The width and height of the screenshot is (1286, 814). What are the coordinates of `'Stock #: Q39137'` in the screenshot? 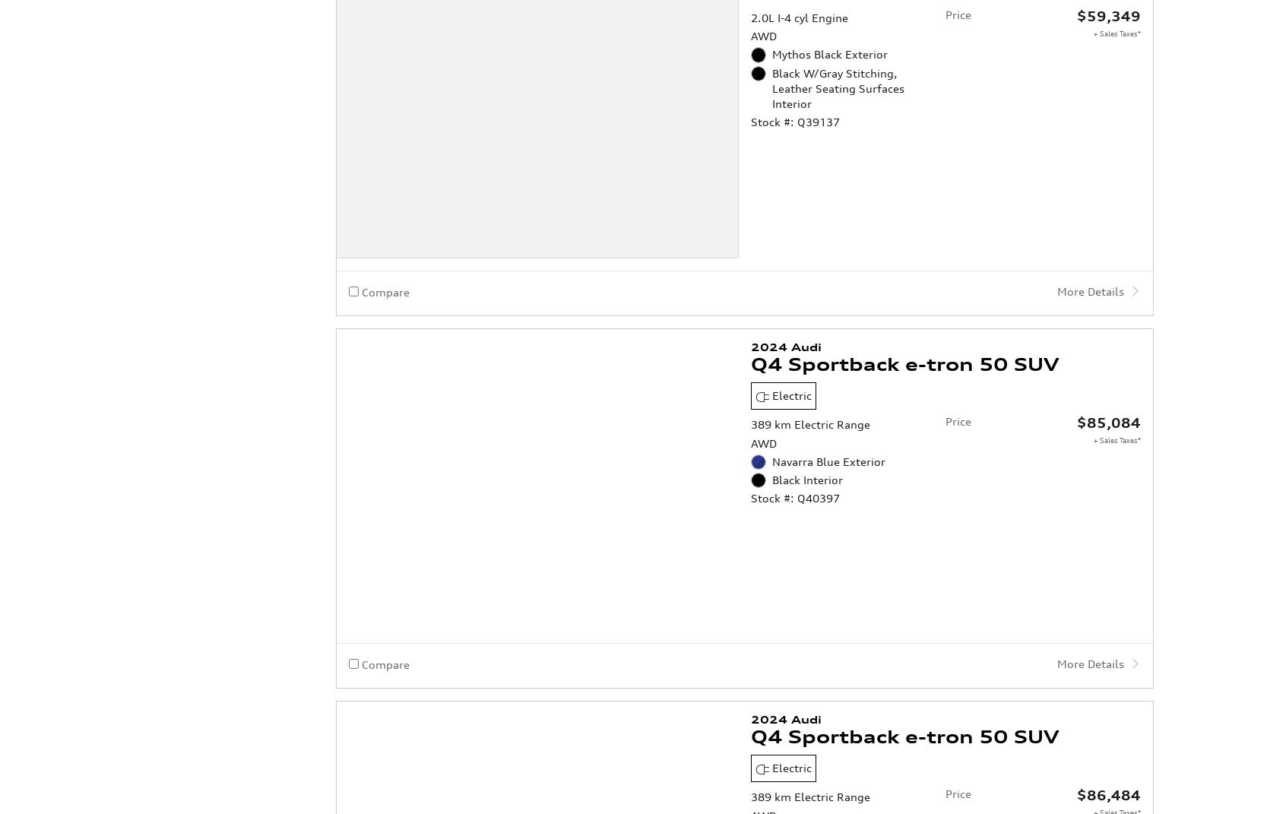 It's located at (793, 61).